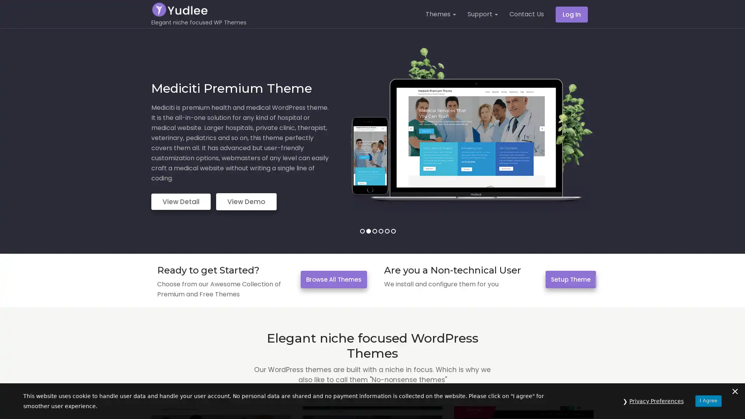 The height and width of the screenshot is (419, 745). Describe the element at coordinates (393, 231) in the screenshot. I see `6` at that location.